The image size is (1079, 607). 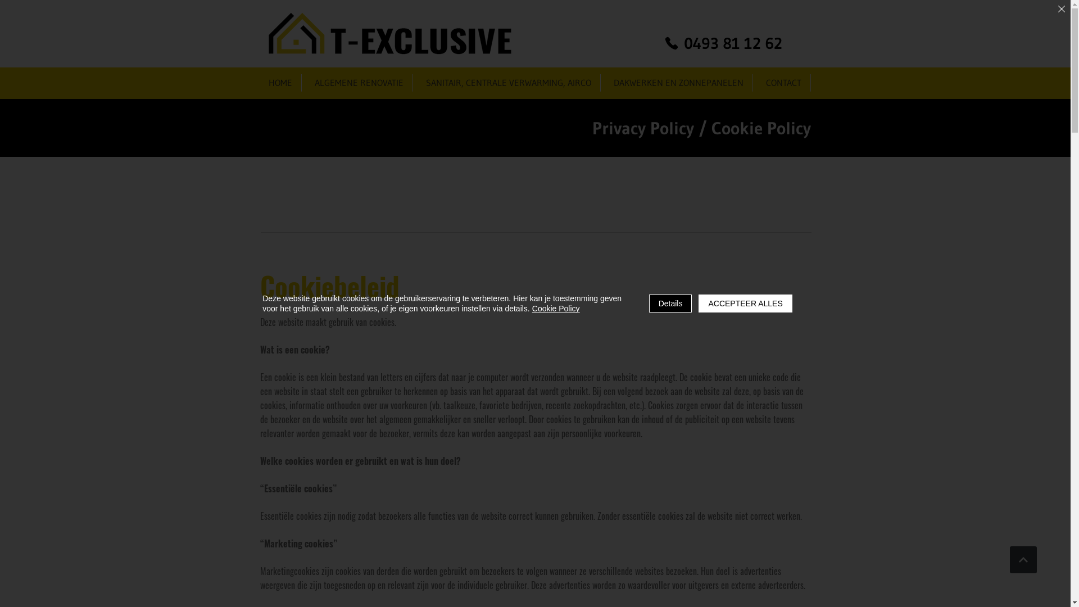 I want to click on 'DAKWERKEN EN ZONNEPANELEN', so click(x=678, y=82).